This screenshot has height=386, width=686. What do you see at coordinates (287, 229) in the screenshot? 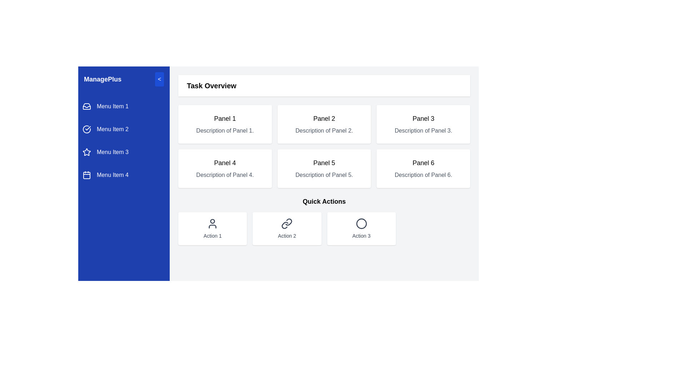
I see `the button located in the center of the 'Quick Actions' section` at bounding box center [287, 229].